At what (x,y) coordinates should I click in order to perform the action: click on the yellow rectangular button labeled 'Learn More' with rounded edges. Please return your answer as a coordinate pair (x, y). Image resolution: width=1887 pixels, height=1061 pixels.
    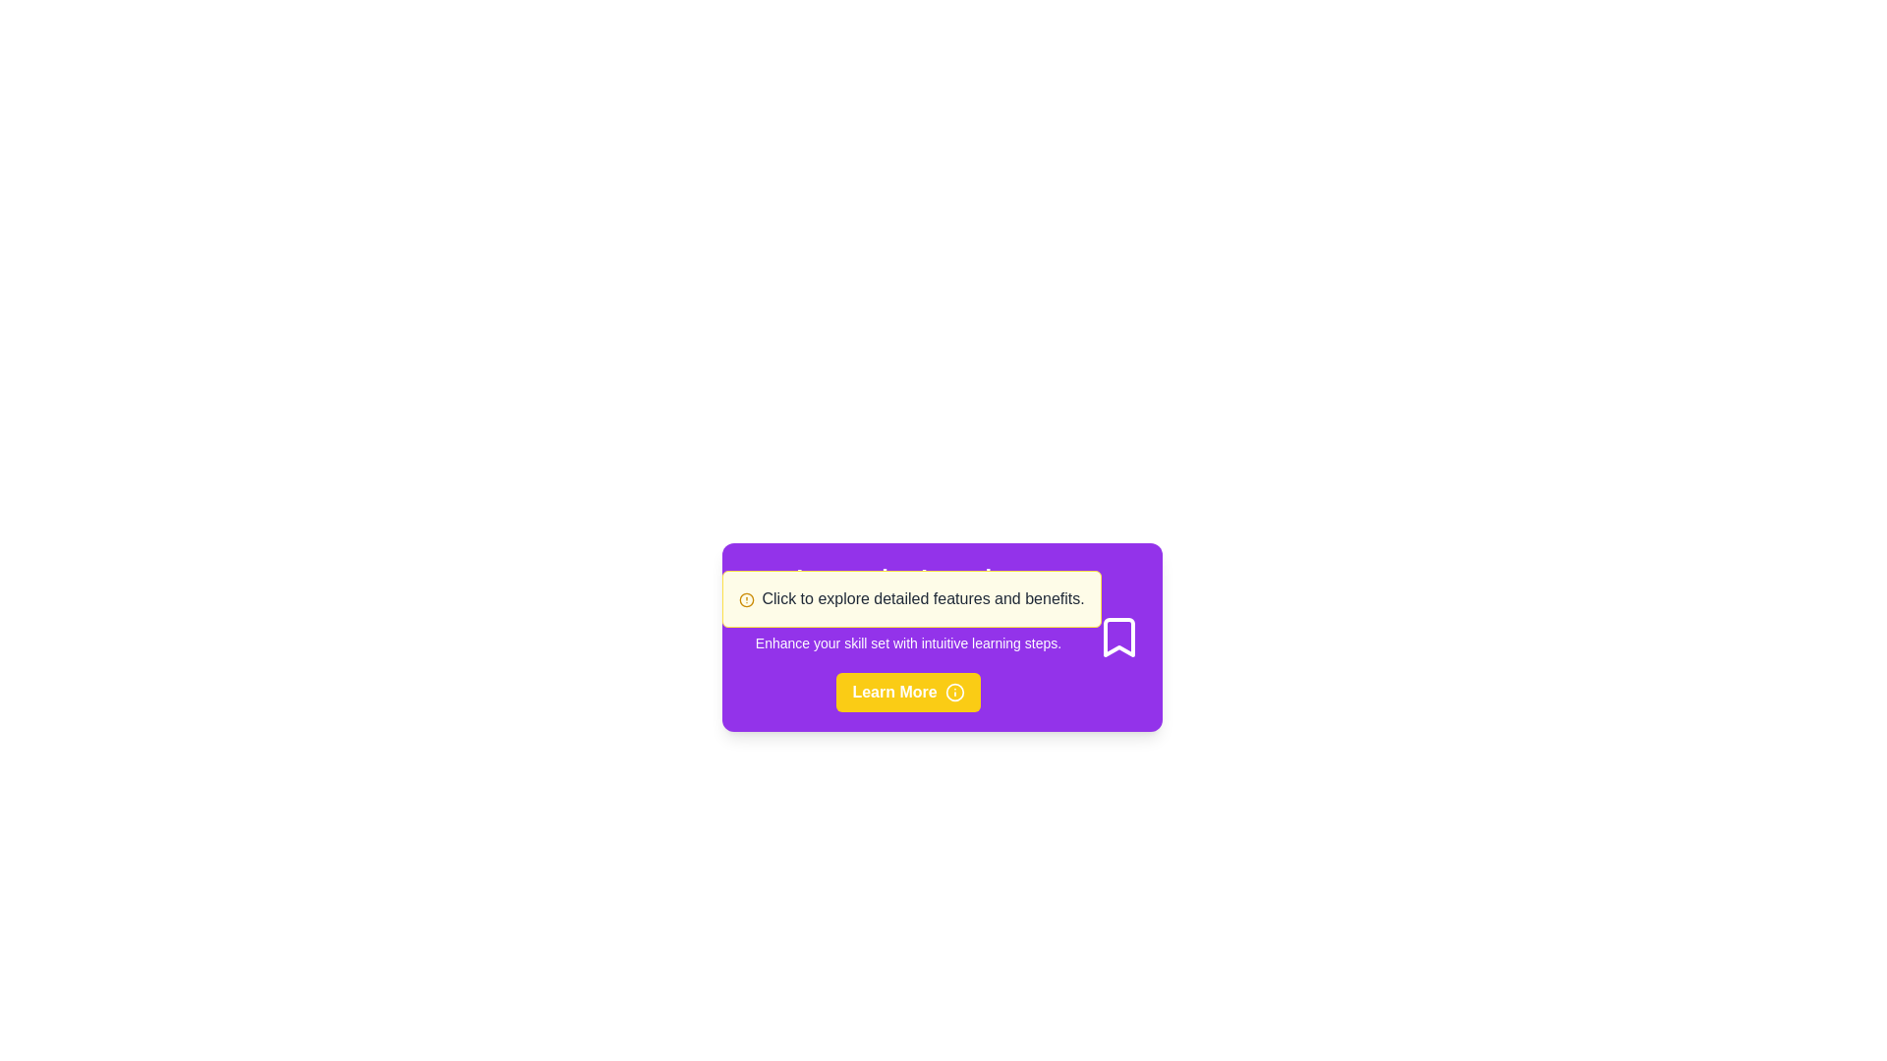
    Looking at the image, I should click on (907, 692).